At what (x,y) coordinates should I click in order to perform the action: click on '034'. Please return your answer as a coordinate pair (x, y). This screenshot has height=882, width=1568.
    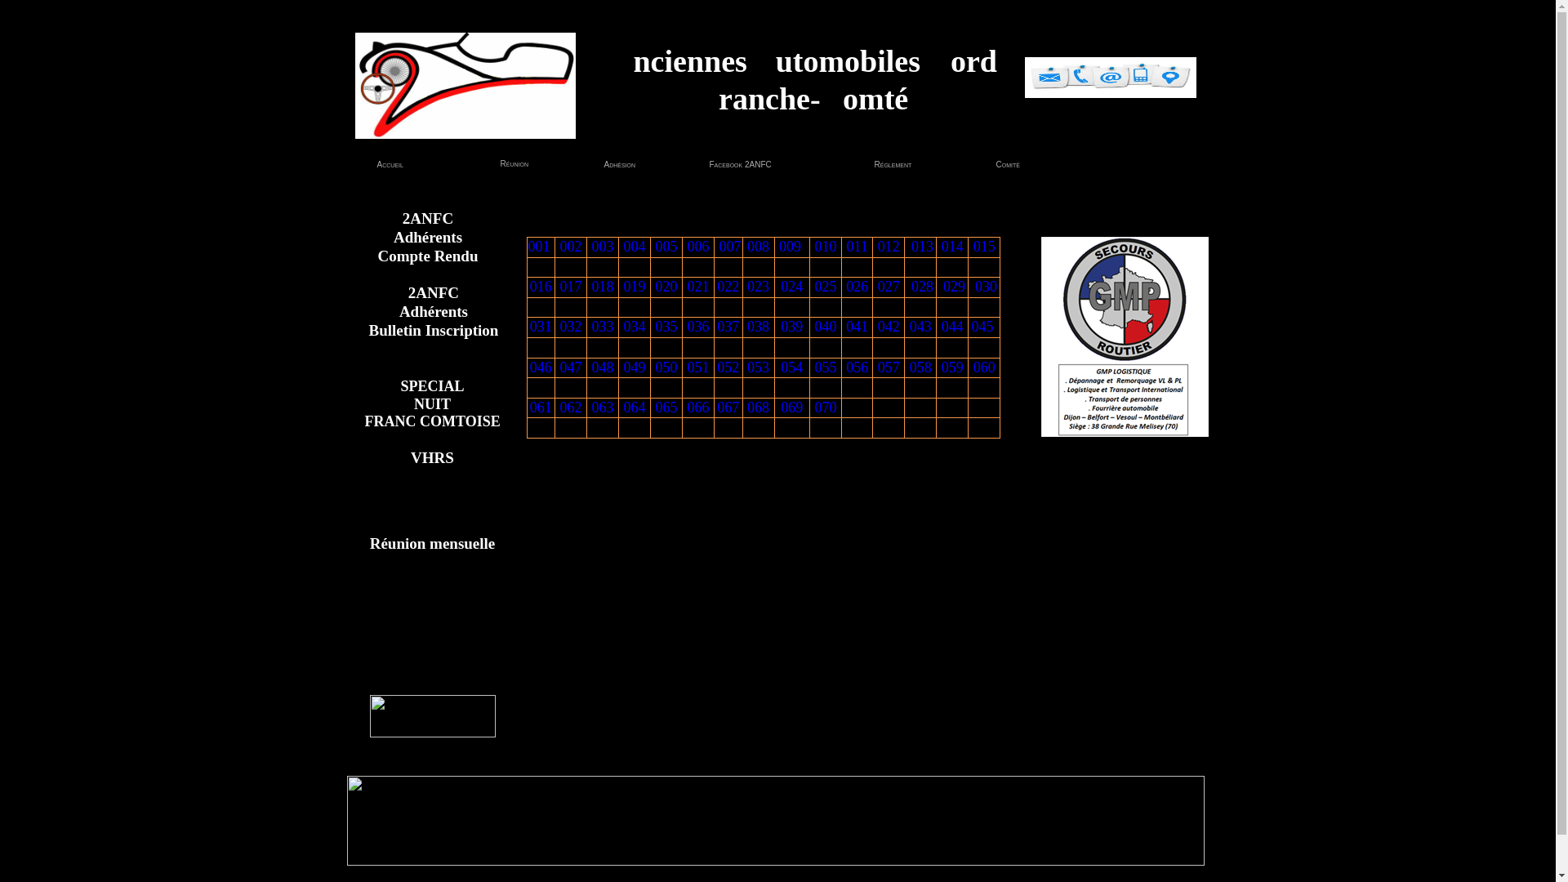
    Looking at the image, I should click on (634, 327).